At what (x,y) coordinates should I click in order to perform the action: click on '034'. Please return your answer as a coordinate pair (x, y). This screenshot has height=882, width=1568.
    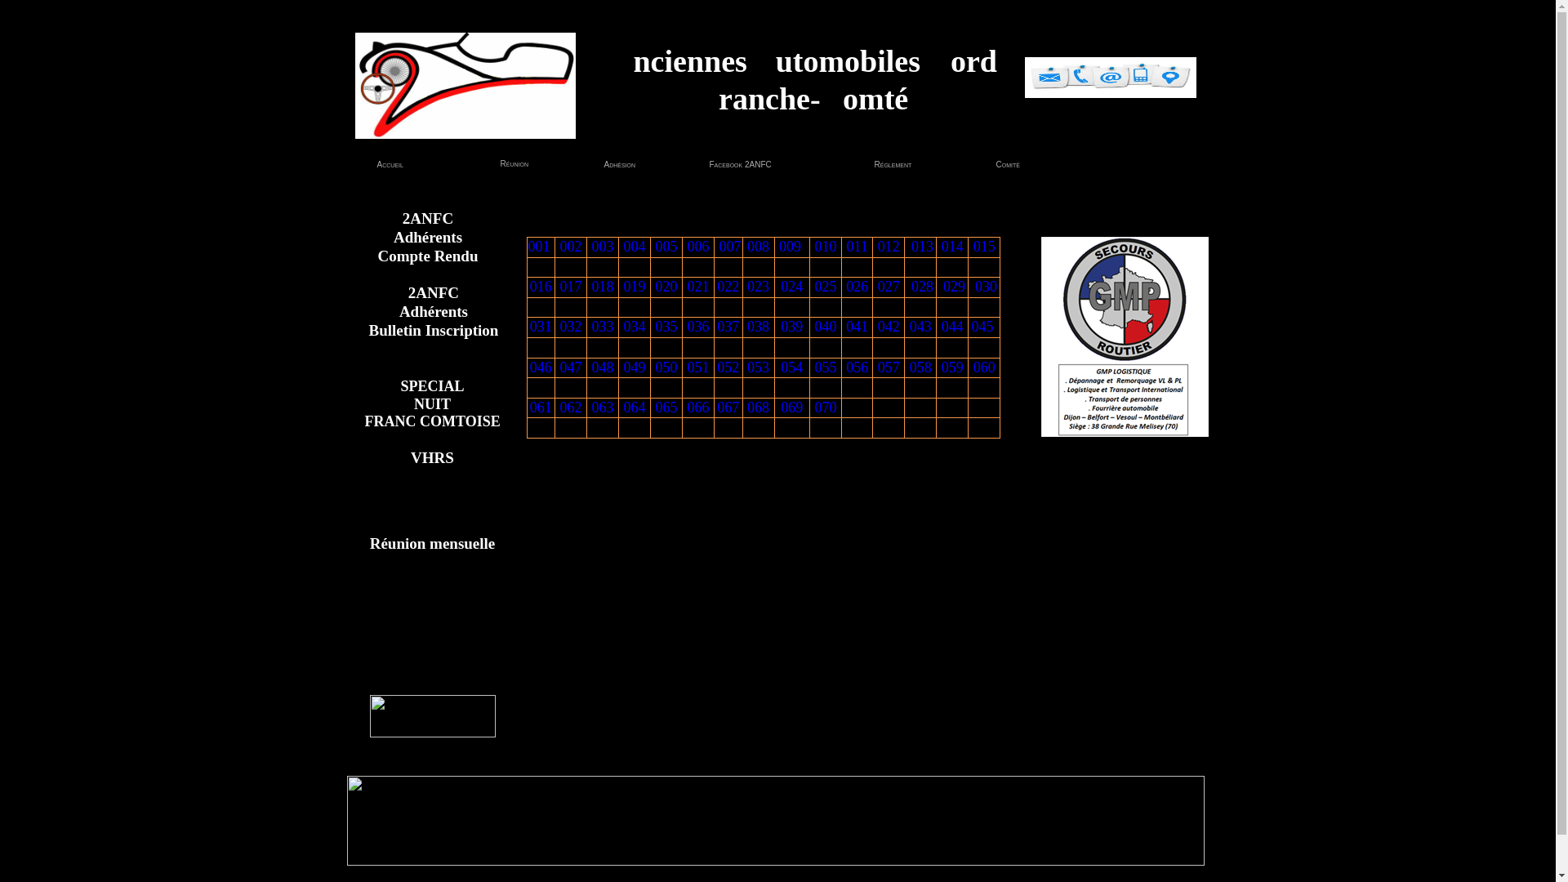
    Looking at the image, I should click on (634, 327).